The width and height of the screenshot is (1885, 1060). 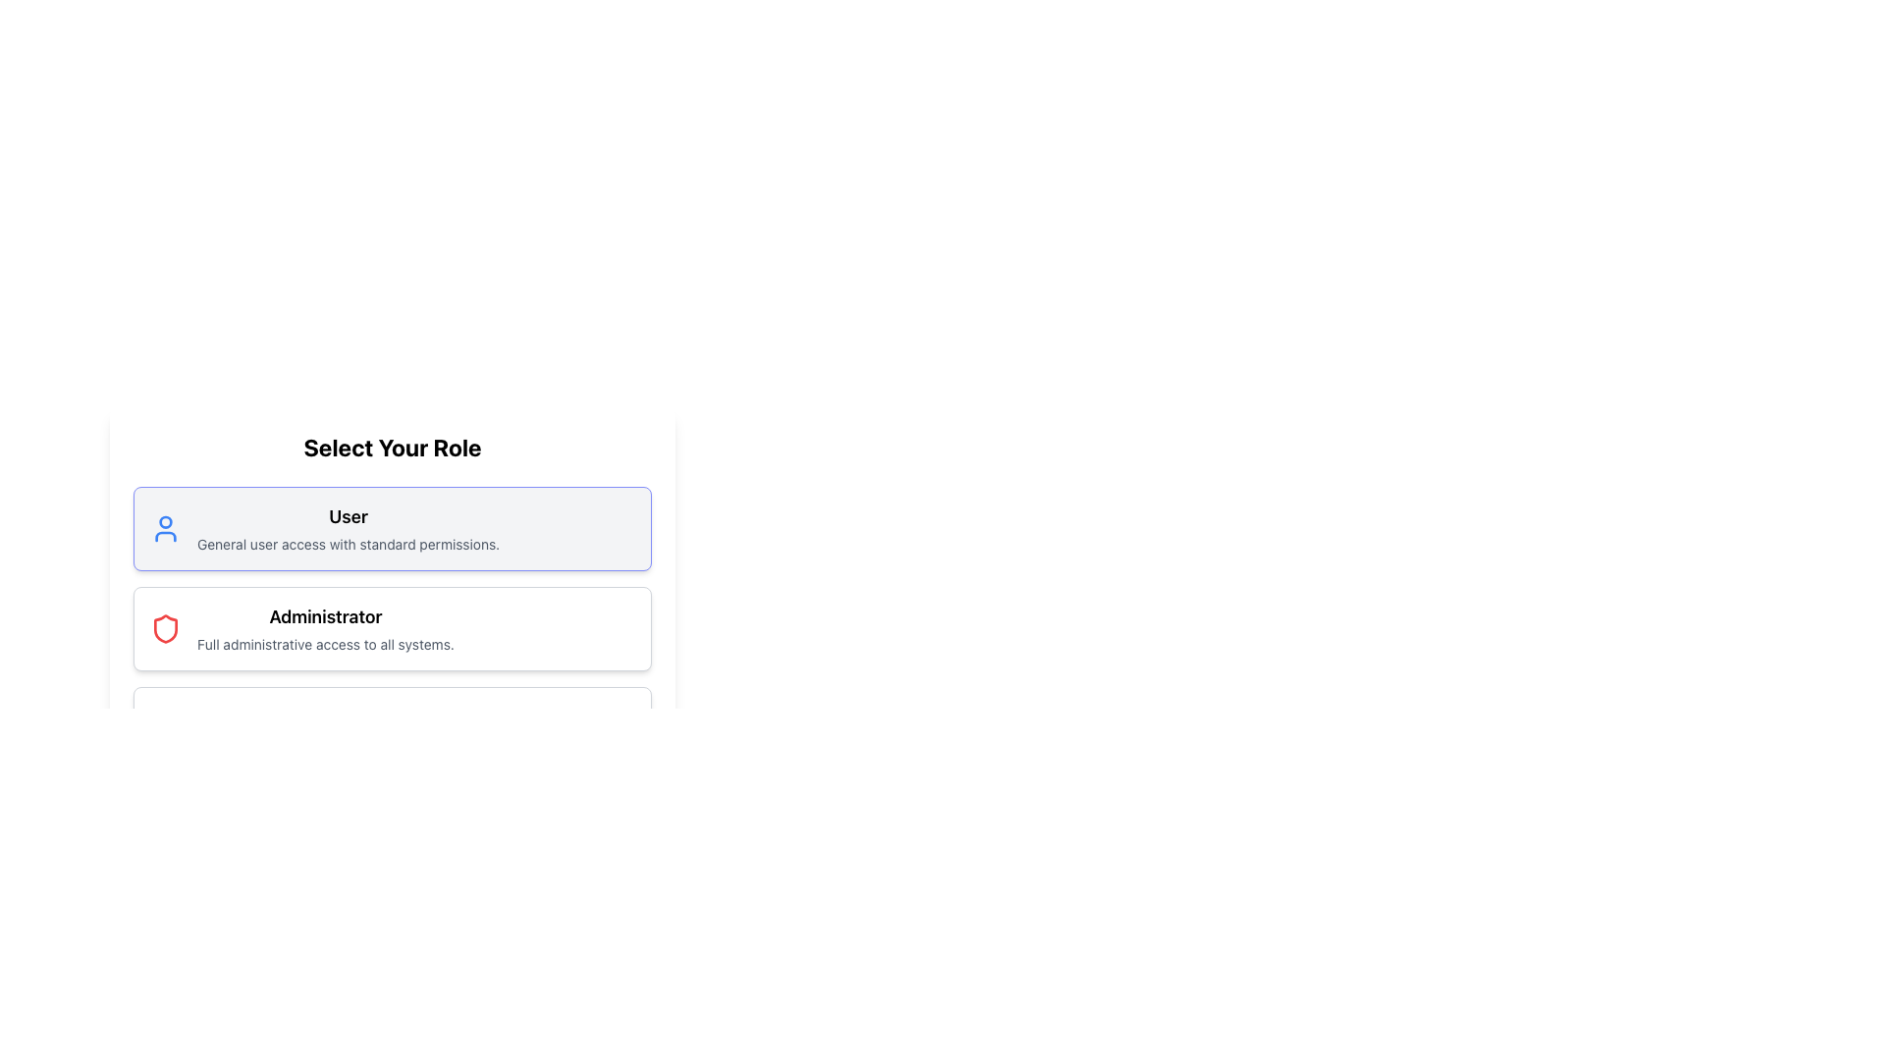 I want to click on text label that contains 'Administrator' and 'Full administrative access to all systems.' located in the second card under the title 'Select Your Role.', so click(x=325, y=628).